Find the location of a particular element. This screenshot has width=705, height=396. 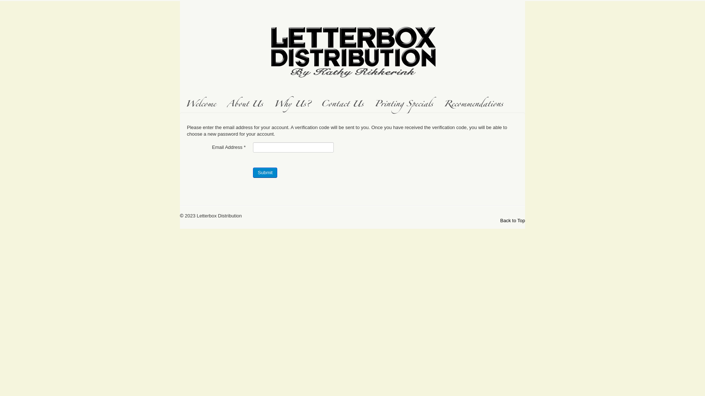

'Printing Specials' is located at coordinates (369, 105).